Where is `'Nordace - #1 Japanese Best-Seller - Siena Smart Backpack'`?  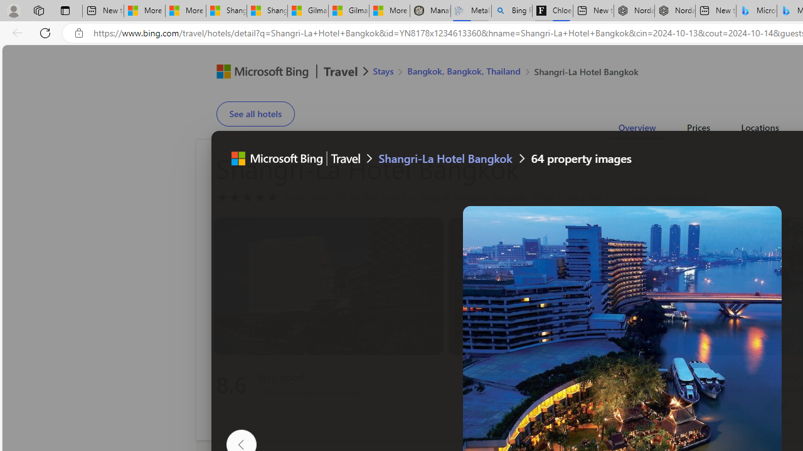 'Nordace - #1 Japanese Best-Seller - Siena Smart Backpack' is located at coordinates (674, 11).